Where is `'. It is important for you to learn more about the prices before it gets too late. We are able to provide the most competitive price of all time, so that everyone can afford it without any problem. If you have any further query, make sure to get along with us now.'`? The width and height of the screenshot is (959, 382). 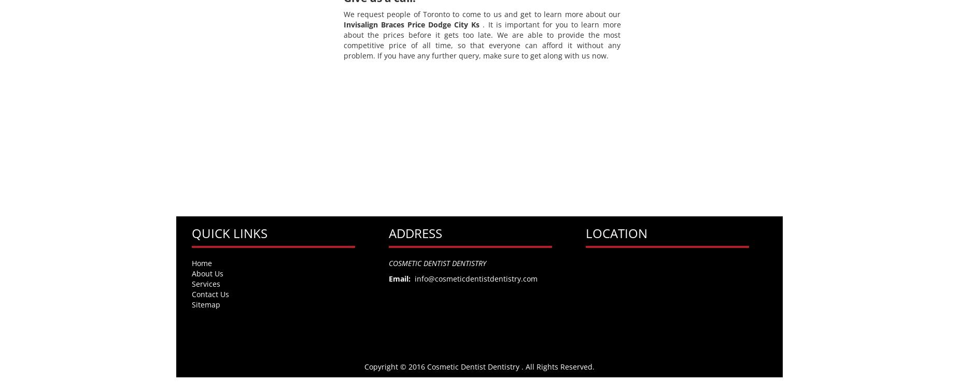 '. It is important for you to learn more about the prices before it gets too late. We are able to provide the most competitive price of all time, so that everyone can afford it without any problem. If you have any further query, make sure to get along with us now.' is located at coordinates (481, 39).